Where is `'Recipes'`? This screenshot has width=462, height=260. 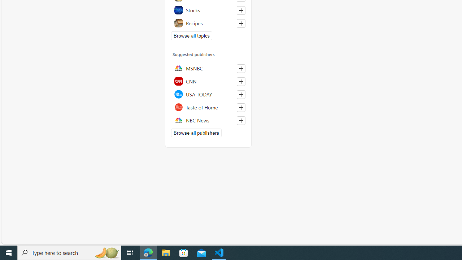
'Recipes' is located at coordinates (208, 22).